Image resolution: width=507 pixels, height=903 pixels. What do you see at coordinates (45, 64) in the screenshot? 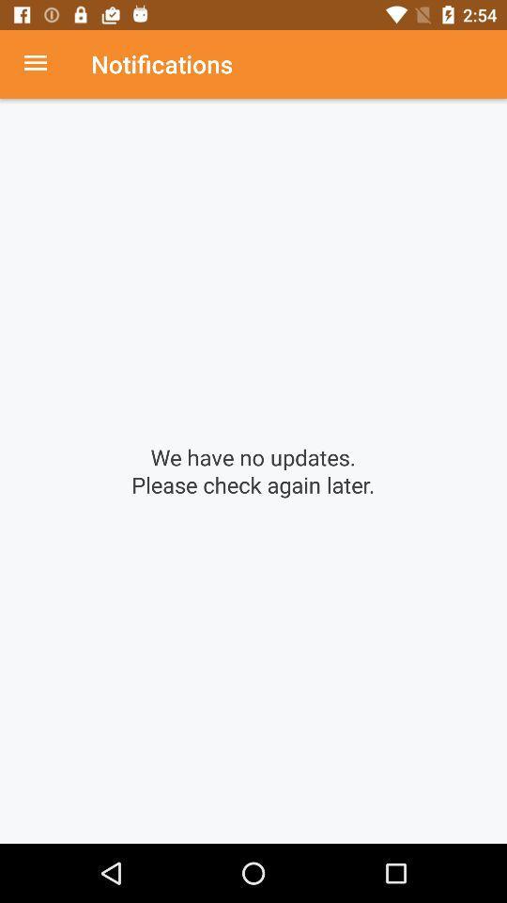
I see `item to the left of notifications` at bounding box center [45, 64].